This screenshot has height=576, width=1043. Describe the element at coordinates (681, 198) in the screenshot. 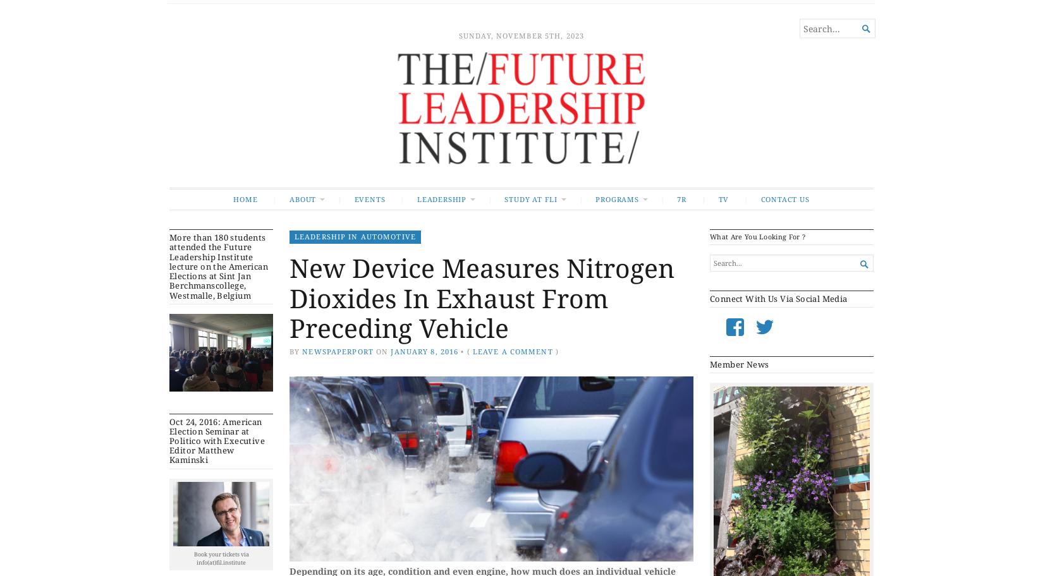

I see `'7R'` at that location.